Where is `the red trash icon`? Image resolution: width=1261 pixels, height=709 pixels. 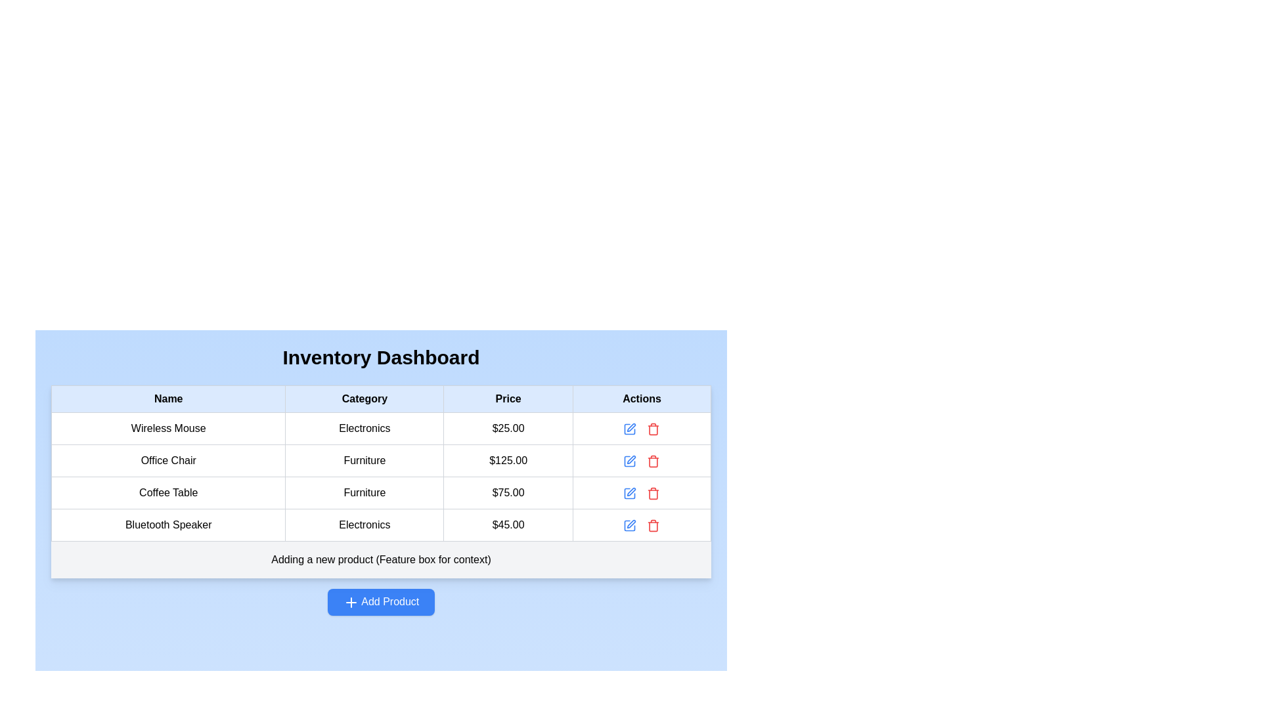
the red trash icon is located at coordinates (653, 493).